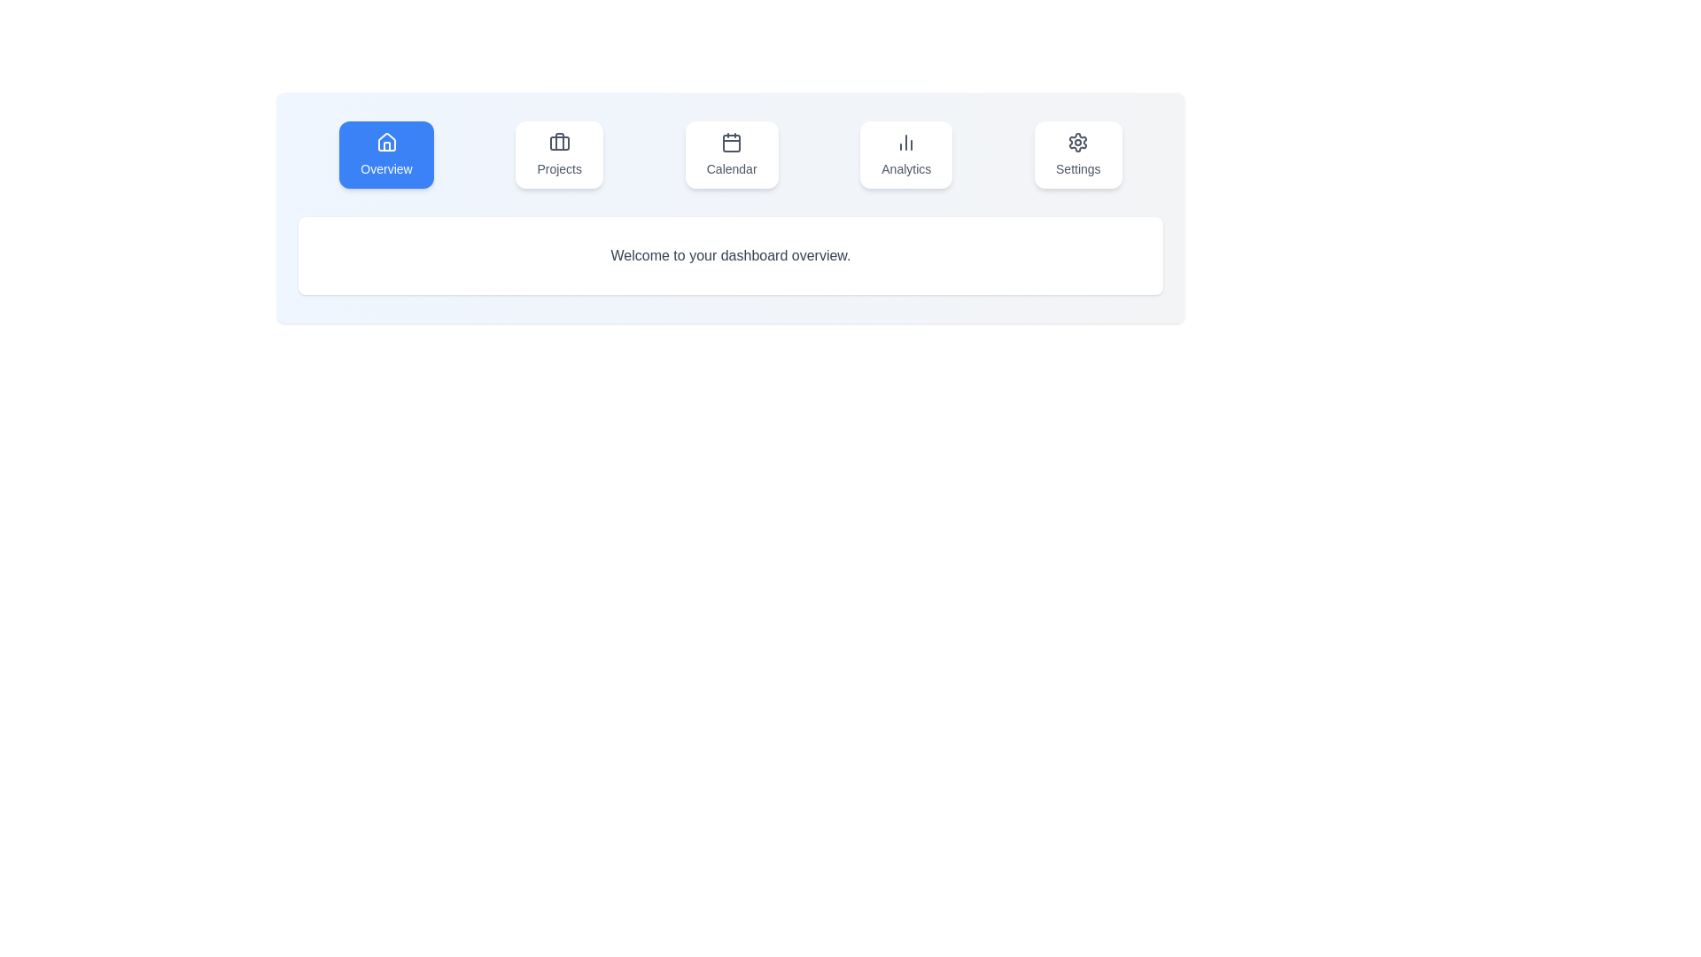 The width and height of the screenshot is (1701, 957). What do you see at coordinates (732, 153) in the screenshot?
I see `the third button in the horizontal sequence of five buttons` at bounding box center [732, 153].